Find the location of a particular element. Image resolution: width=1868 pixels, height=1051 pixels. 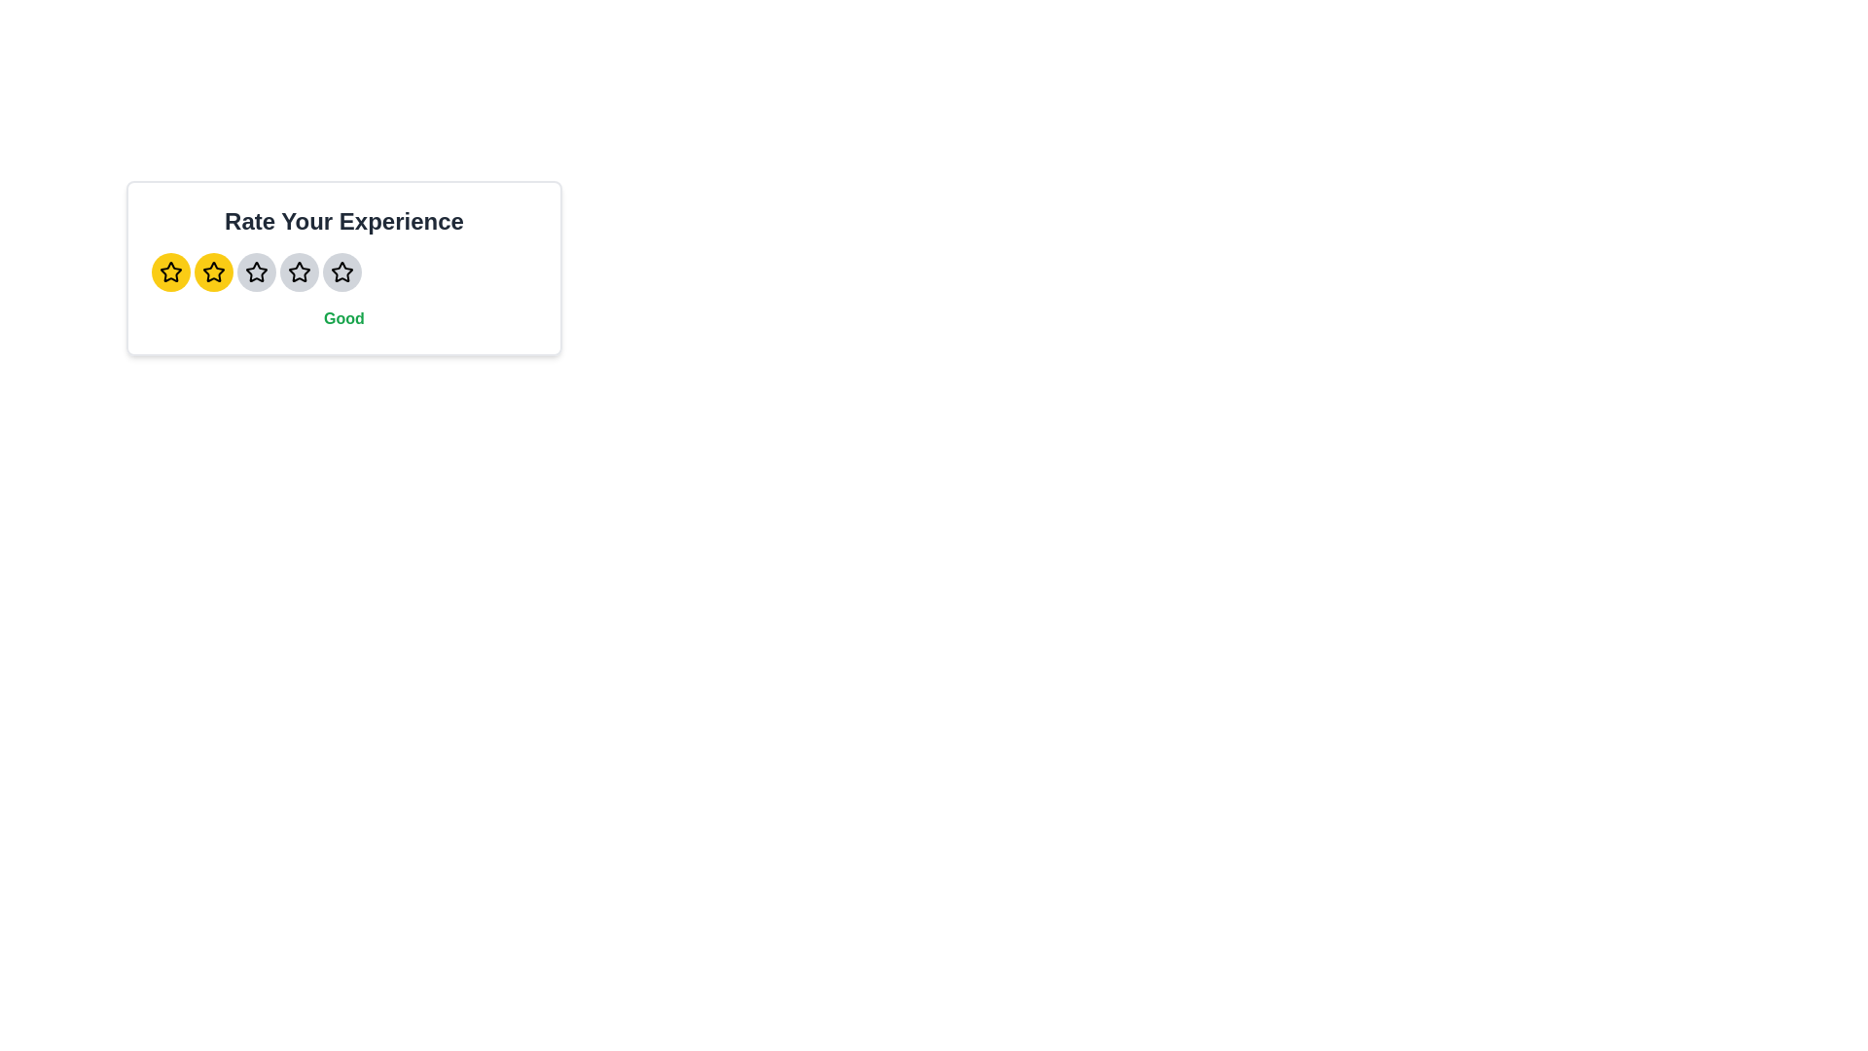

the first star-shaped Rating Star Icon with a black outline, positioned inside a circular yellow background is located at coordinates (171, 272).